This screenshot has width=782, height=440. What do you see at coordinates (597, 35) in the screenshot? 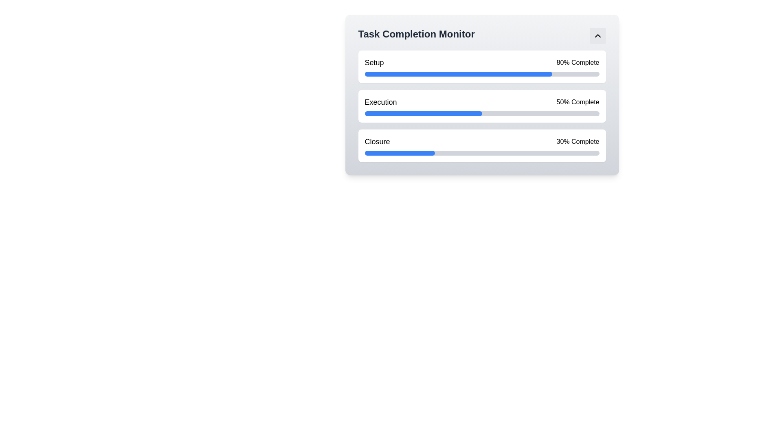
I see `the small rectangular button with a light gray background and a black upward-pointing chevron icon in the 'Task Completion Monitor' section` at bounding box center [597, 35].